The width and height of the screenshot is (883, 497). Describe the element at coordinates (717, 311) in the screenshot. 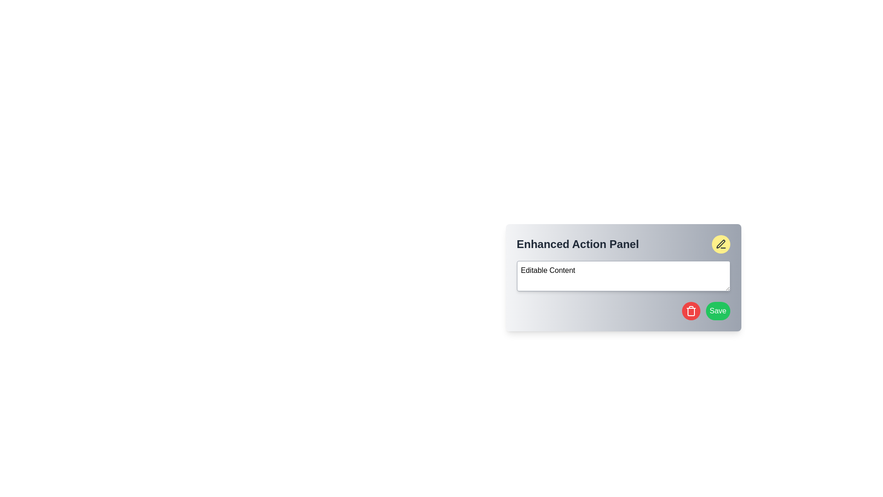

I see `the circular green 'Save' button located at the far-right end of the action buttons row` at that location.